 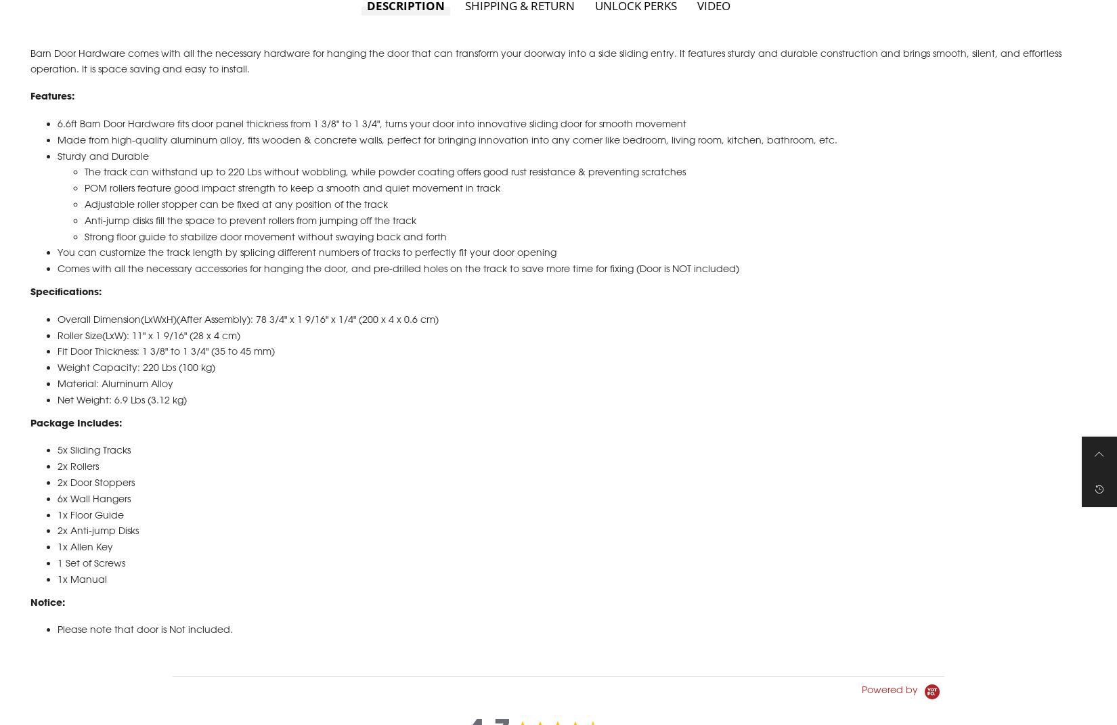 What do you see at coordinates (115, 398) in the screenshot?
I see `'Material: Aluminum Alloy'` at bounding box center [115, 398].